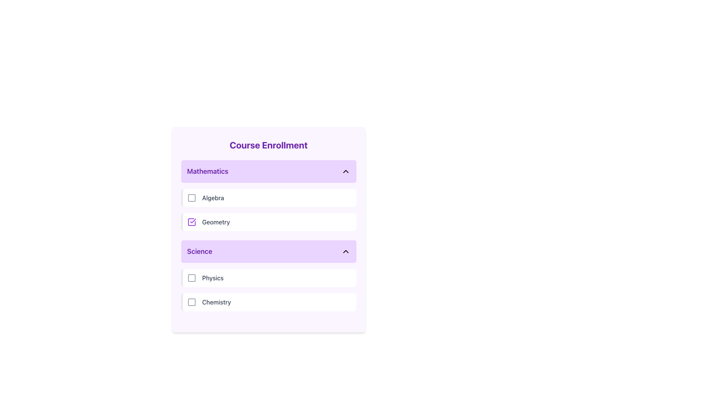 Image resolution: width=725 pixels, height=408 pixels. Describe the element at coordinates (268, 198) in the screenshot. I see `the first selectable list item with a checkbox in the 'Mathematics' section, located above the 'Geometry' entry` at that location.